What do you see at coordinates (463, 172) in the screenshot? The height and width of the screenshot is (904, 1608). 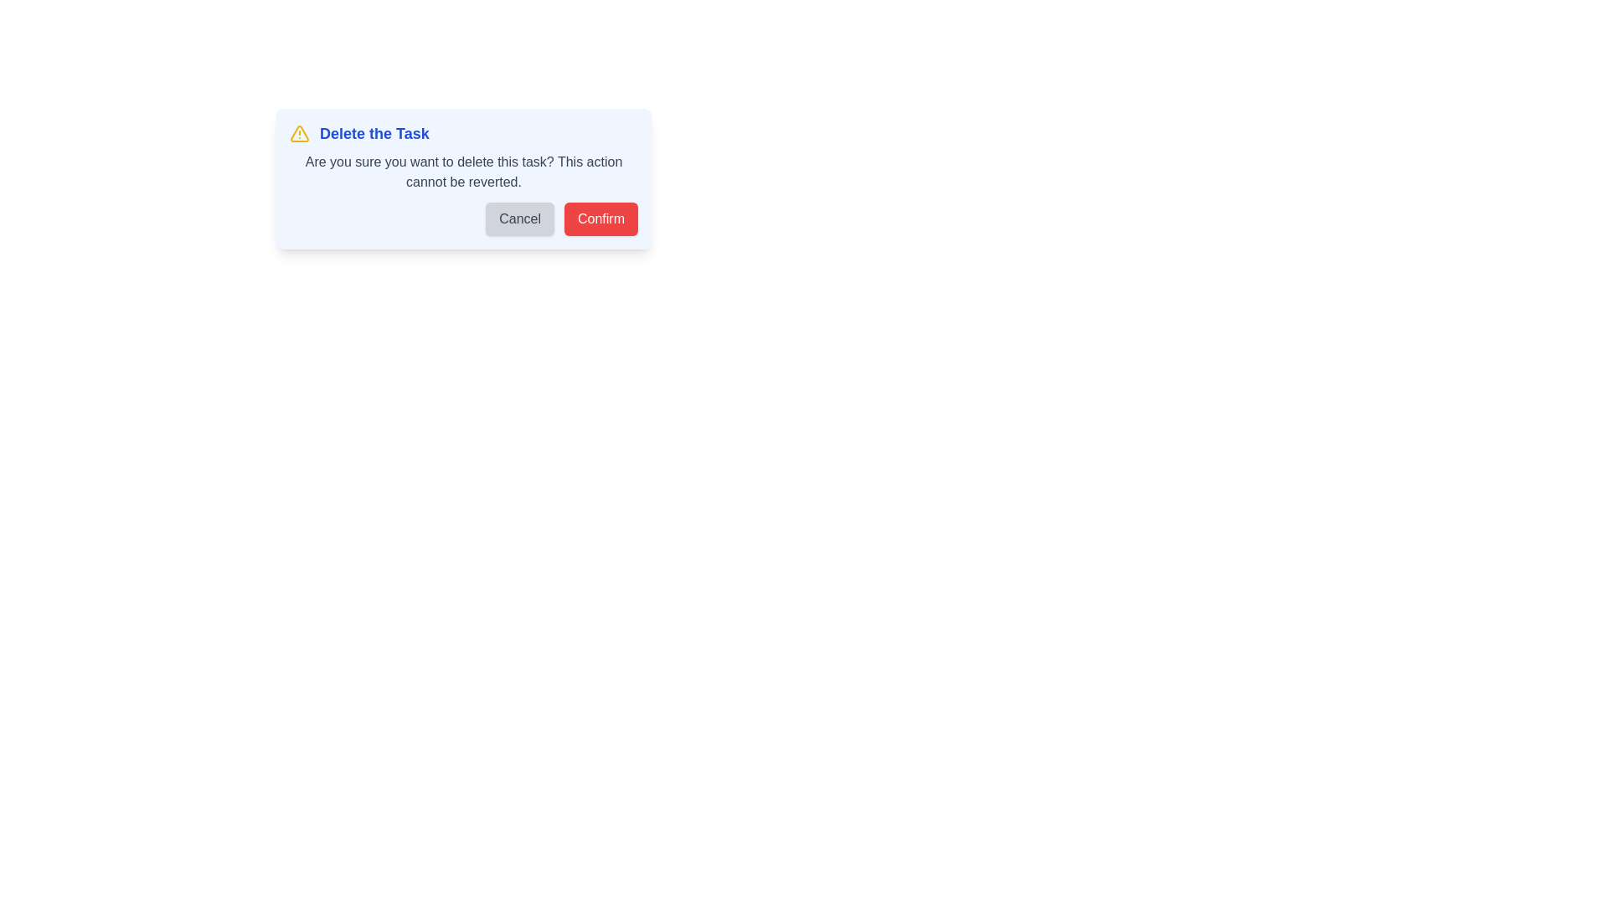 I see `the cautionary text label in the confirmation dialog that warns about the irreversibility of the delete action` at bounding box center [463, 172].